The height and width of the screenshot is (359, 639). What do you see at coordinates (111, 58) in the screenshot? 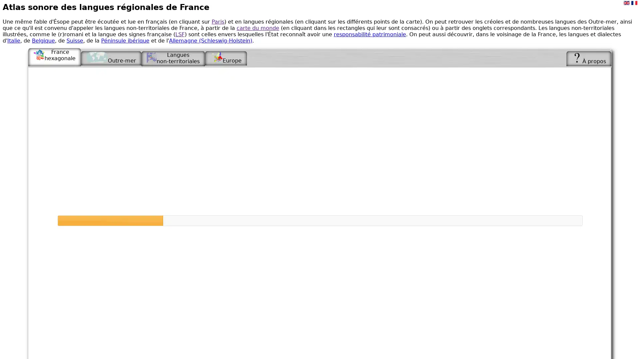
I see `Outre-mer` at bounding box center [111, 58].